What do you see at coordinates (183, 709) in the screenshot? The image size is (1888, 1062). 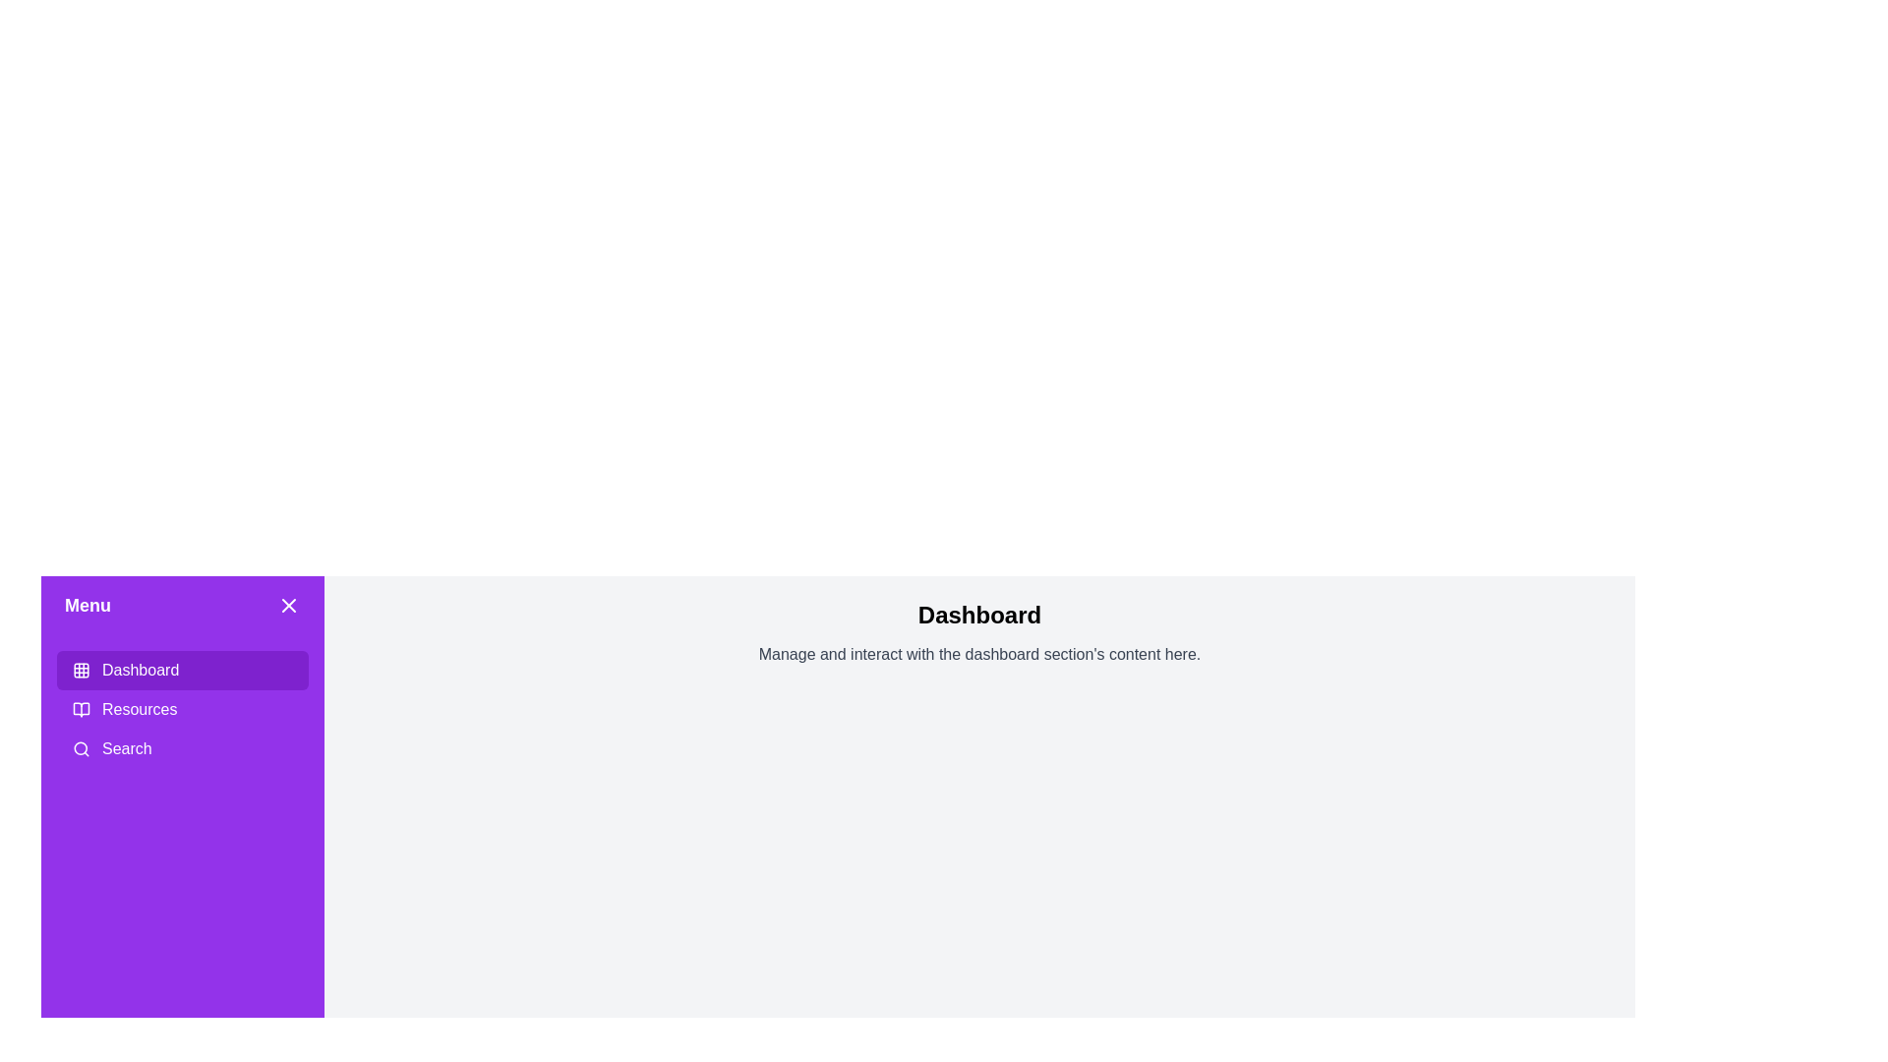 I see `the 'Resources' button located in the purple menu panel, which is the second item in the list, positioned below 'Dashboard' and above 'Search'` at bounding box center [183, 709].